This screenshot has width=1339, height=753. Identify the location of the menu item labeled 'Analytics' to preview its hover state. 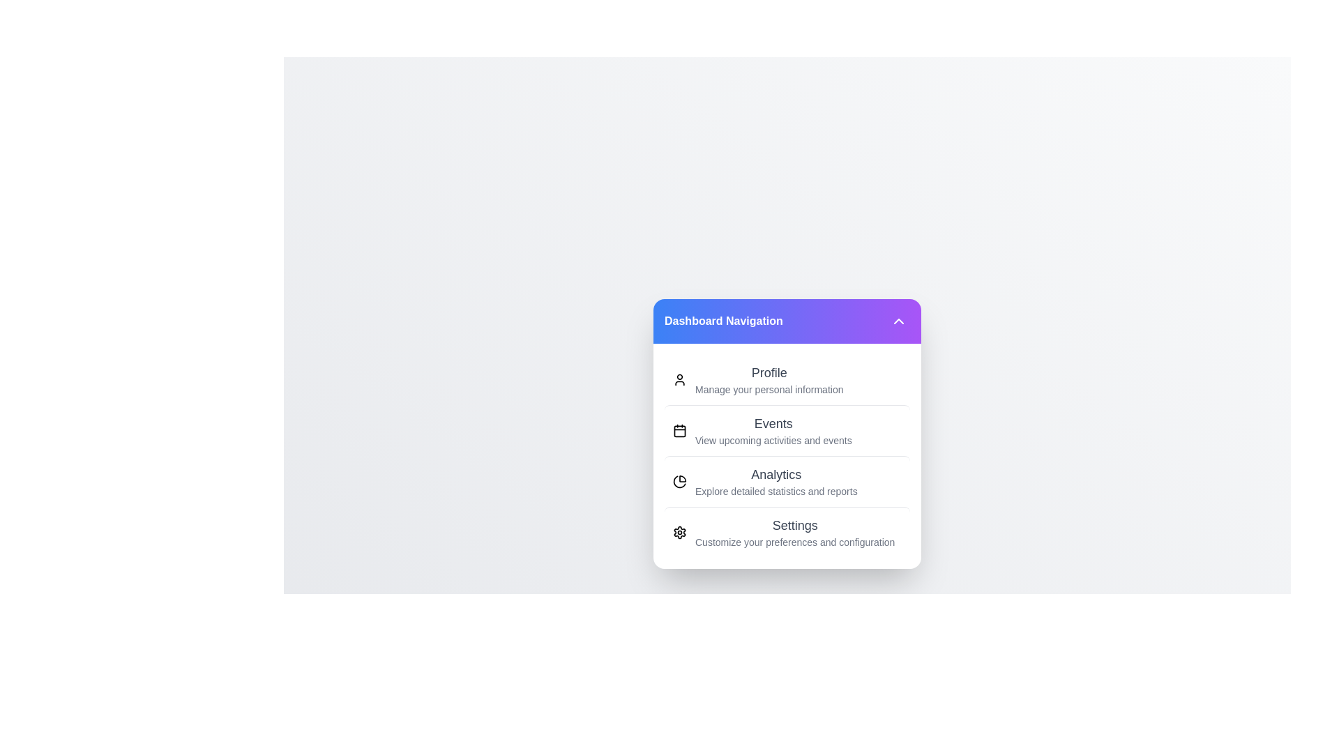
(787, 480).